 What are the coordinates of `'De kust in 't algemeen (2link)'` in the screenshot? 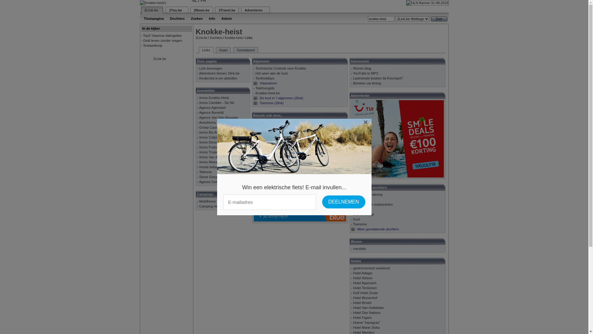 It's located at (281, 97).